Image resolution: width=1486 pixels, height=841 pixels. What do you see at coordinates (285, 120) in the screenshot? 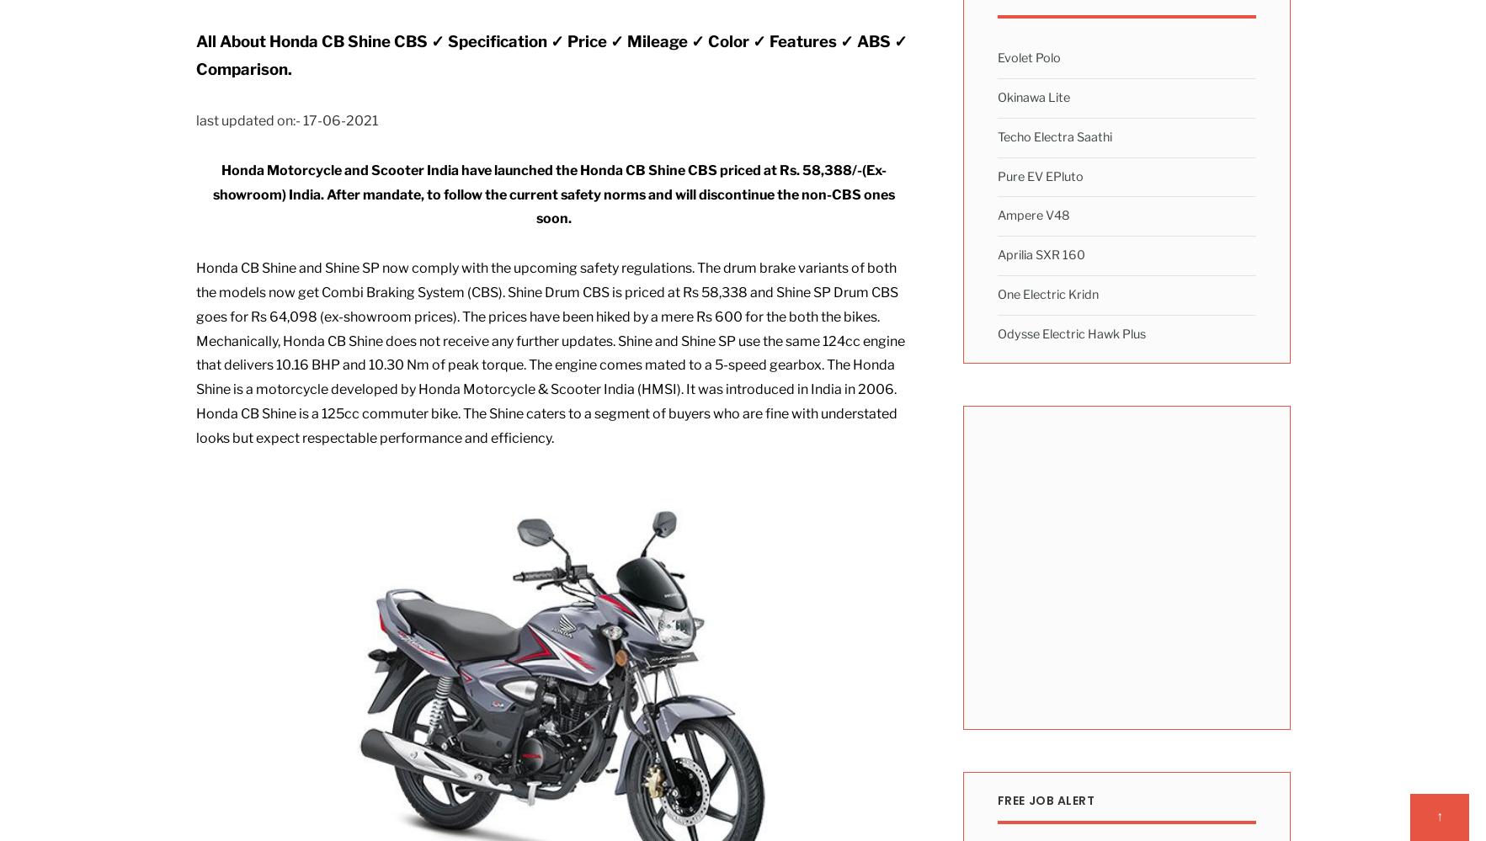
I see `'last updated on:- 17-06-2021'` at bounding box center [285, 120].